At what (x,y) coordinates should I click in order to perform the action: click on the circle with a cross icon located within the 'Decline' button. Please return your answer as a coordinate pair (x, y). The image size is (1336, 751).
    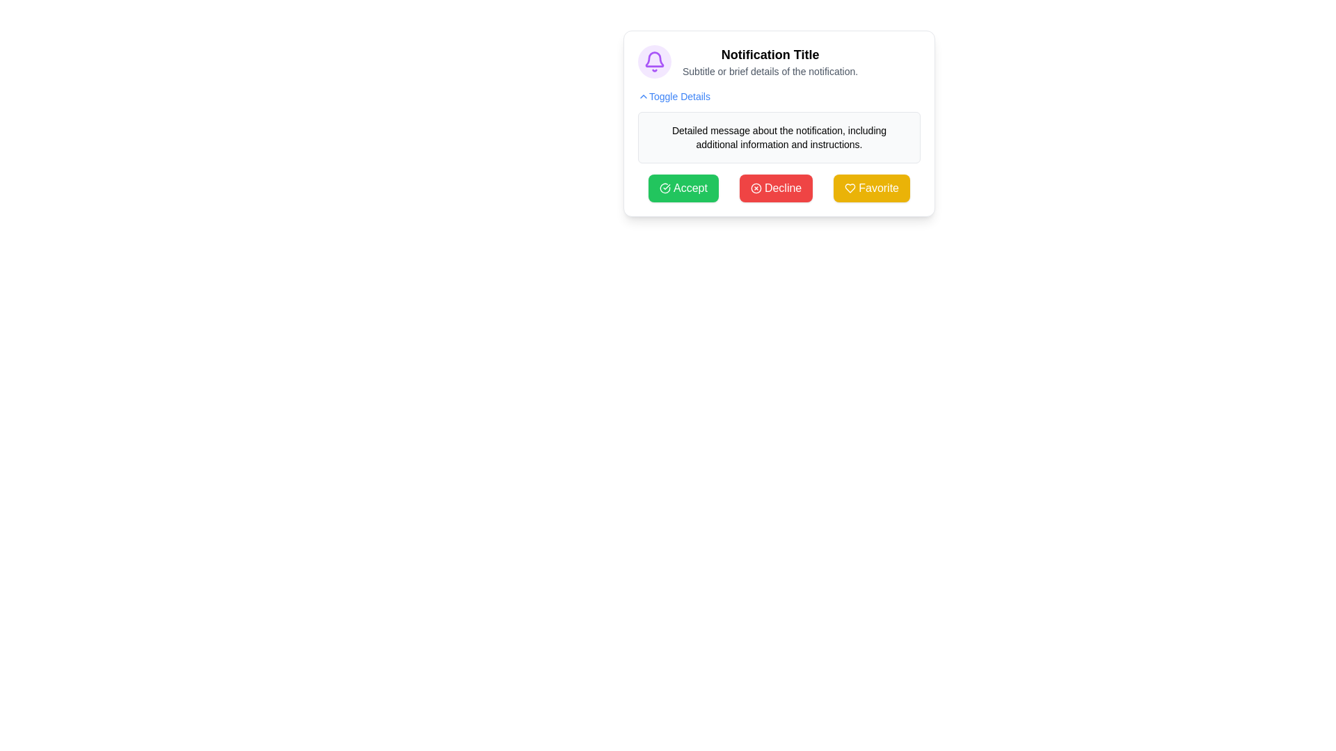
    Looking at the image, I should click on (755, 188).